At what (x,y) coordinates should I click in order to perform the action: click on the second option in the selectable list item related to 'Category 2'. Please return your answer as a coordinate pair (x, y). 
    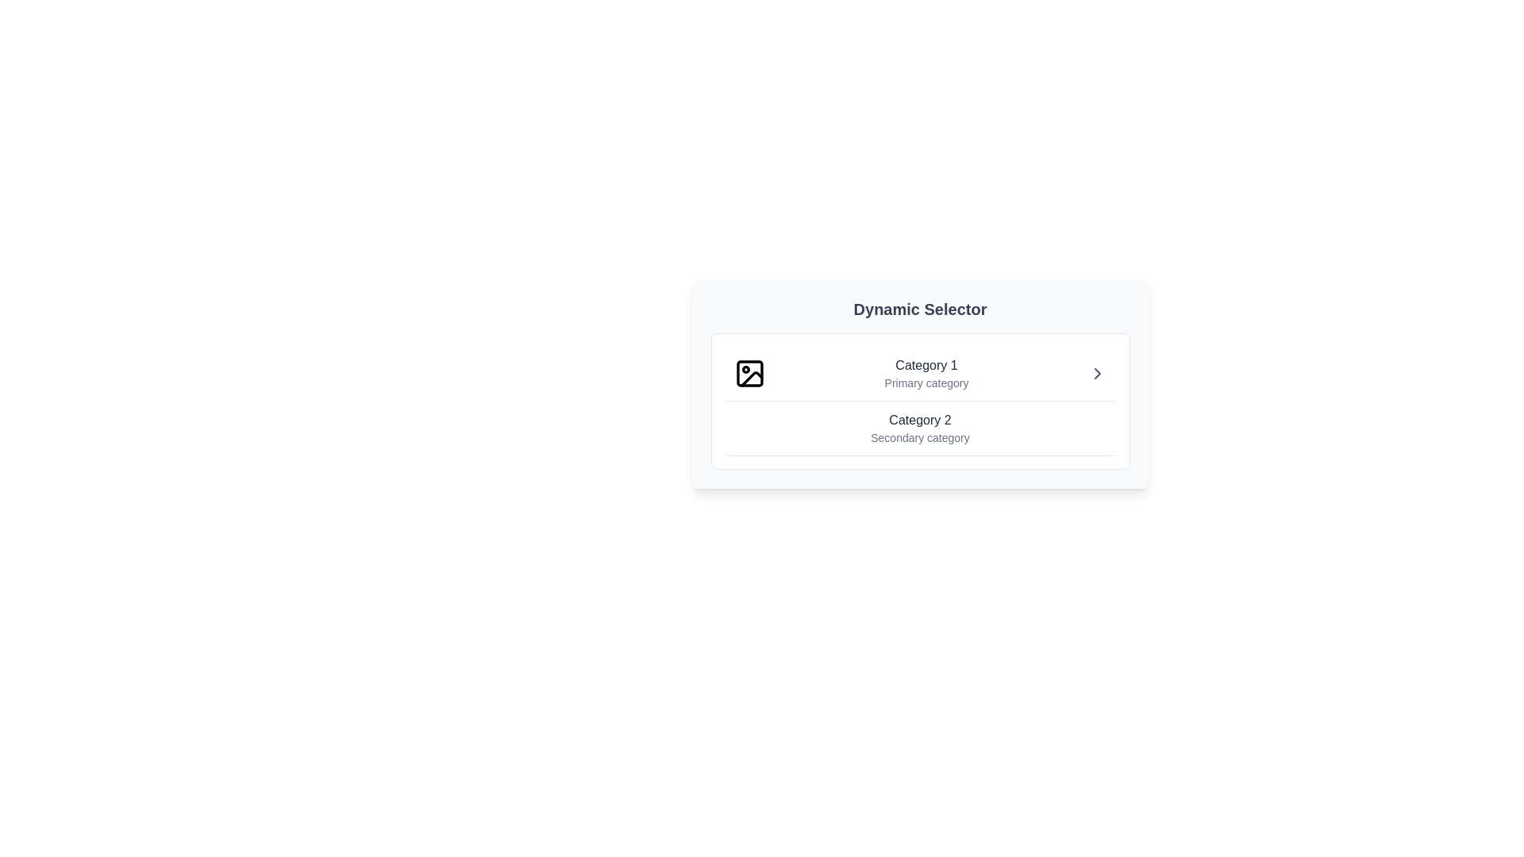
    Looking at the image, I should click on (920, 428).